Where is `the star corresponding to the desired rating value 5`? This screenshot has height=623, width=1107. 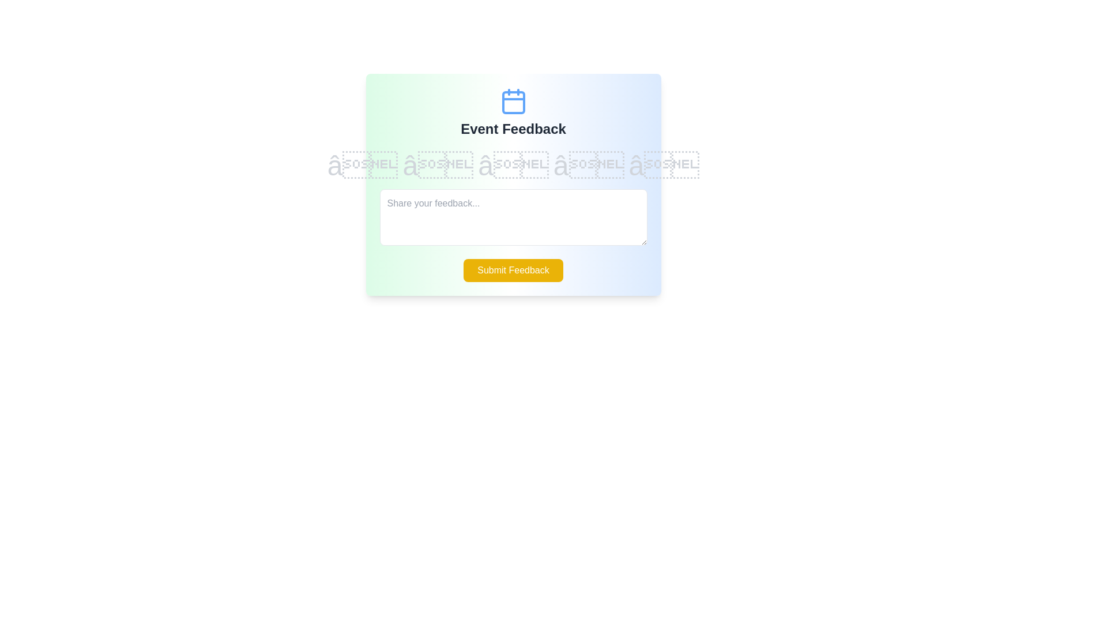
the star corresponding to the desired rating value 5 is located at coordinates (664, 166).